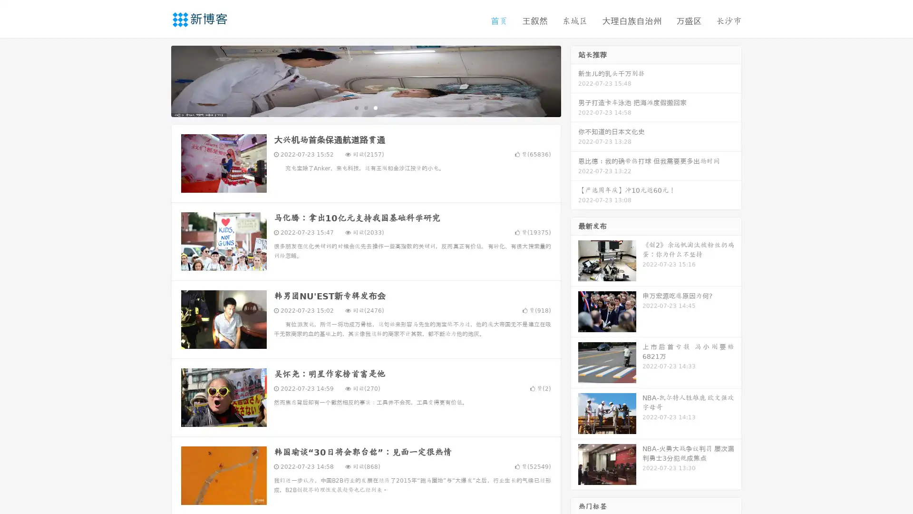  I want to click on Go to slide 3, so click(375, 107).